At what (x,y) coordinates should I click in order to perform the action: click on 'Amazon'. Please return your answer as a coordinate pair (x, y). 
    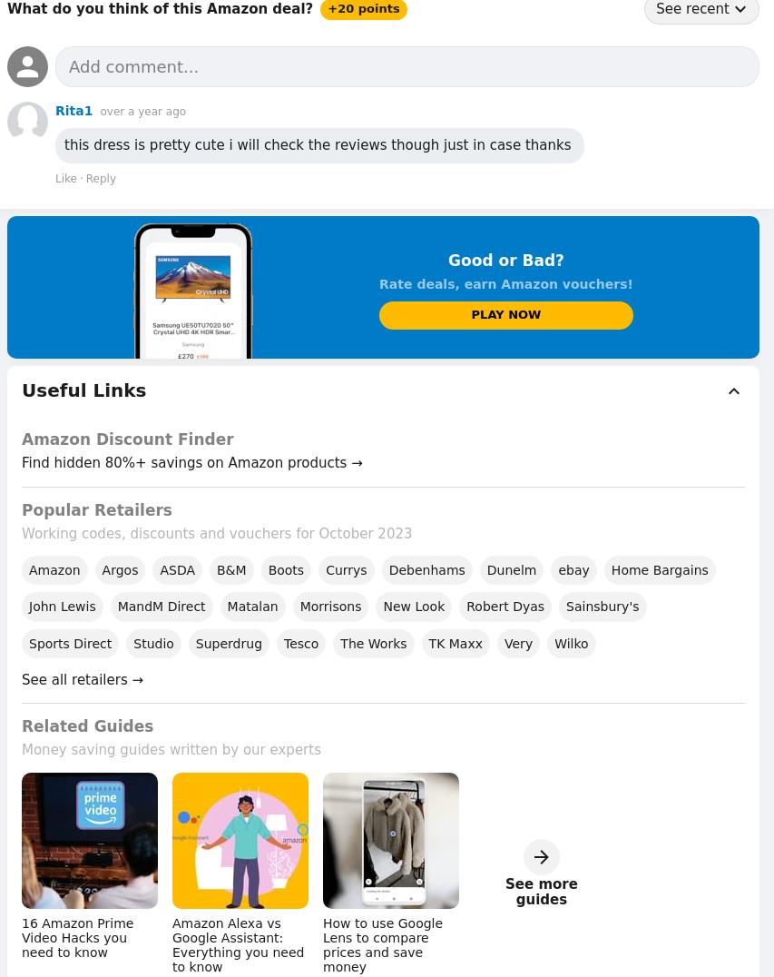
    Looking at the image, I should click on (54, 569).